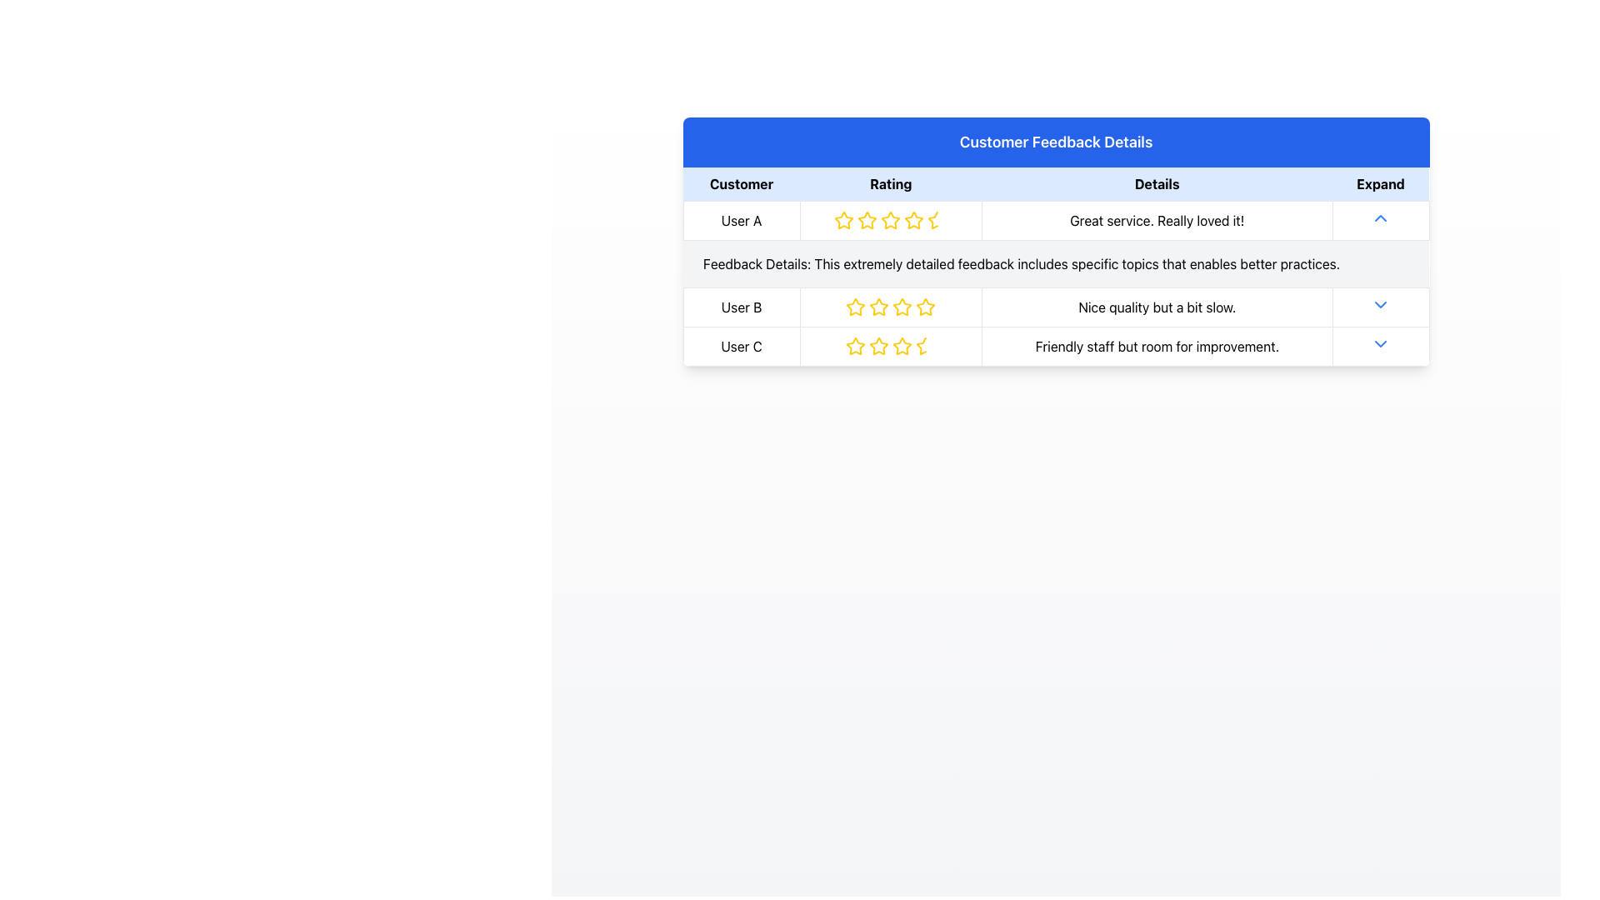  I want to click on the Rating Stars located in the third row of the feedback table under the 'Rating' column, adjacent to 'User C' to interact with the rating system, so click(890, 346).